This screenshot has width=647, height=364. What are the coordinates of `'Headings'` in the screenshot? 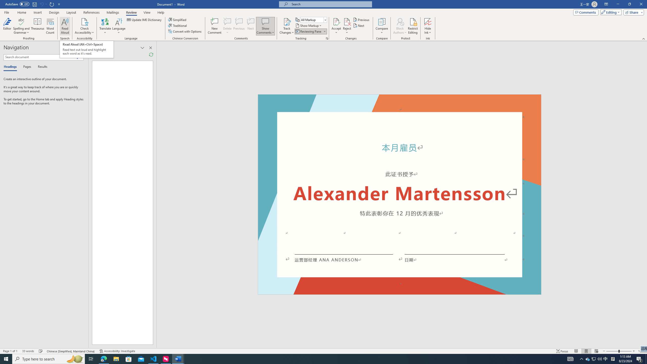 It's located at (11, 67).